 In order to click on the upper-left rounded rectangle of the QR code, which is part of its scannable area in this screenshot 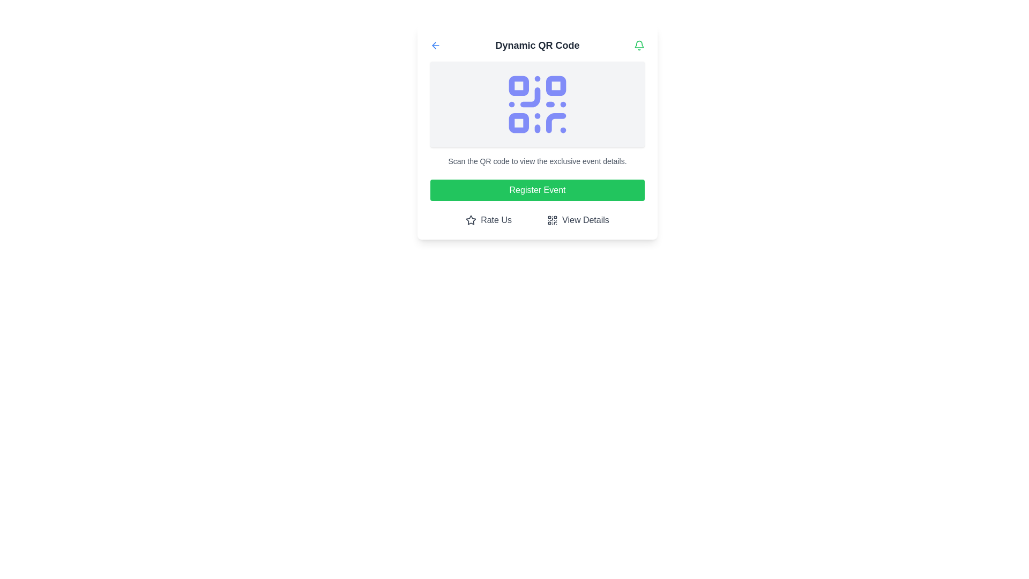, I will do `click(519, 85)`.